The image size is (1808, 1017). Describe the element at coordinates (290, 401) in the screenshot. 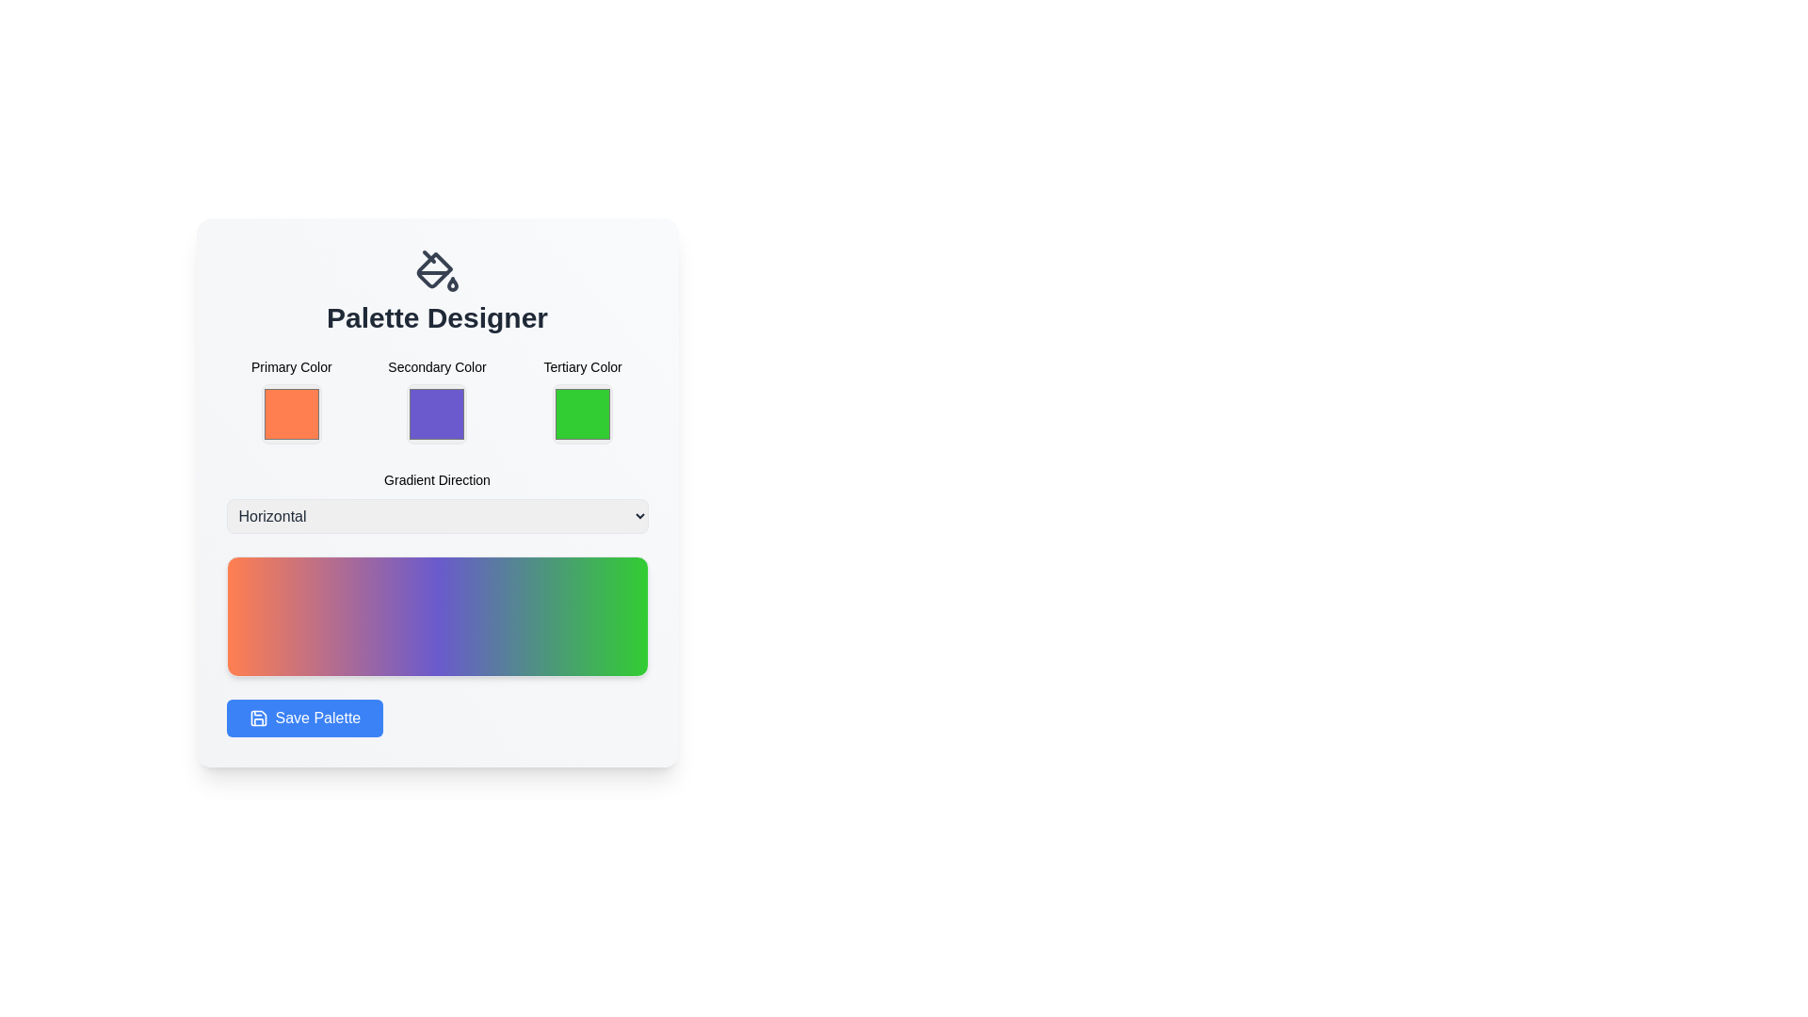

I see `the Color Picker element located at the top portion of the interface, which is the leftmost element among 'Secondary Color' and 'Tertiary Color'` at that location.